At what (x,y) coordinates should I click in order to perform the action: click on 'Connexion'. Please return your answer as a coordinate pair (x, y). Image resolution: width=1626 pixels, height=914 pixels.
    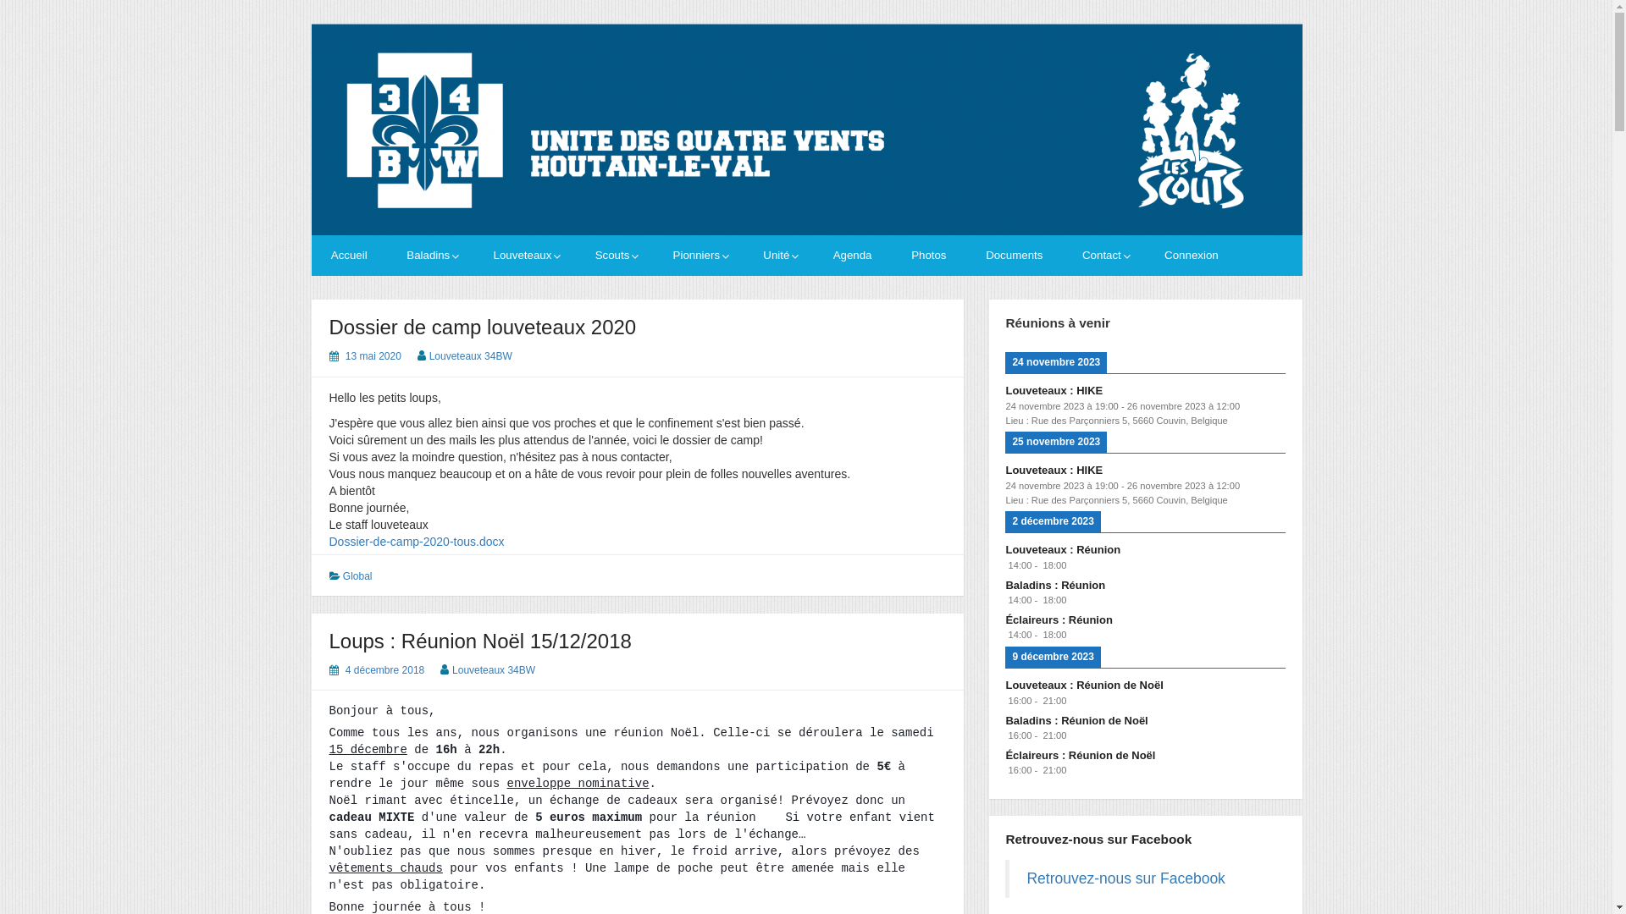
    Looking at the image, I should click on (1190, 255).